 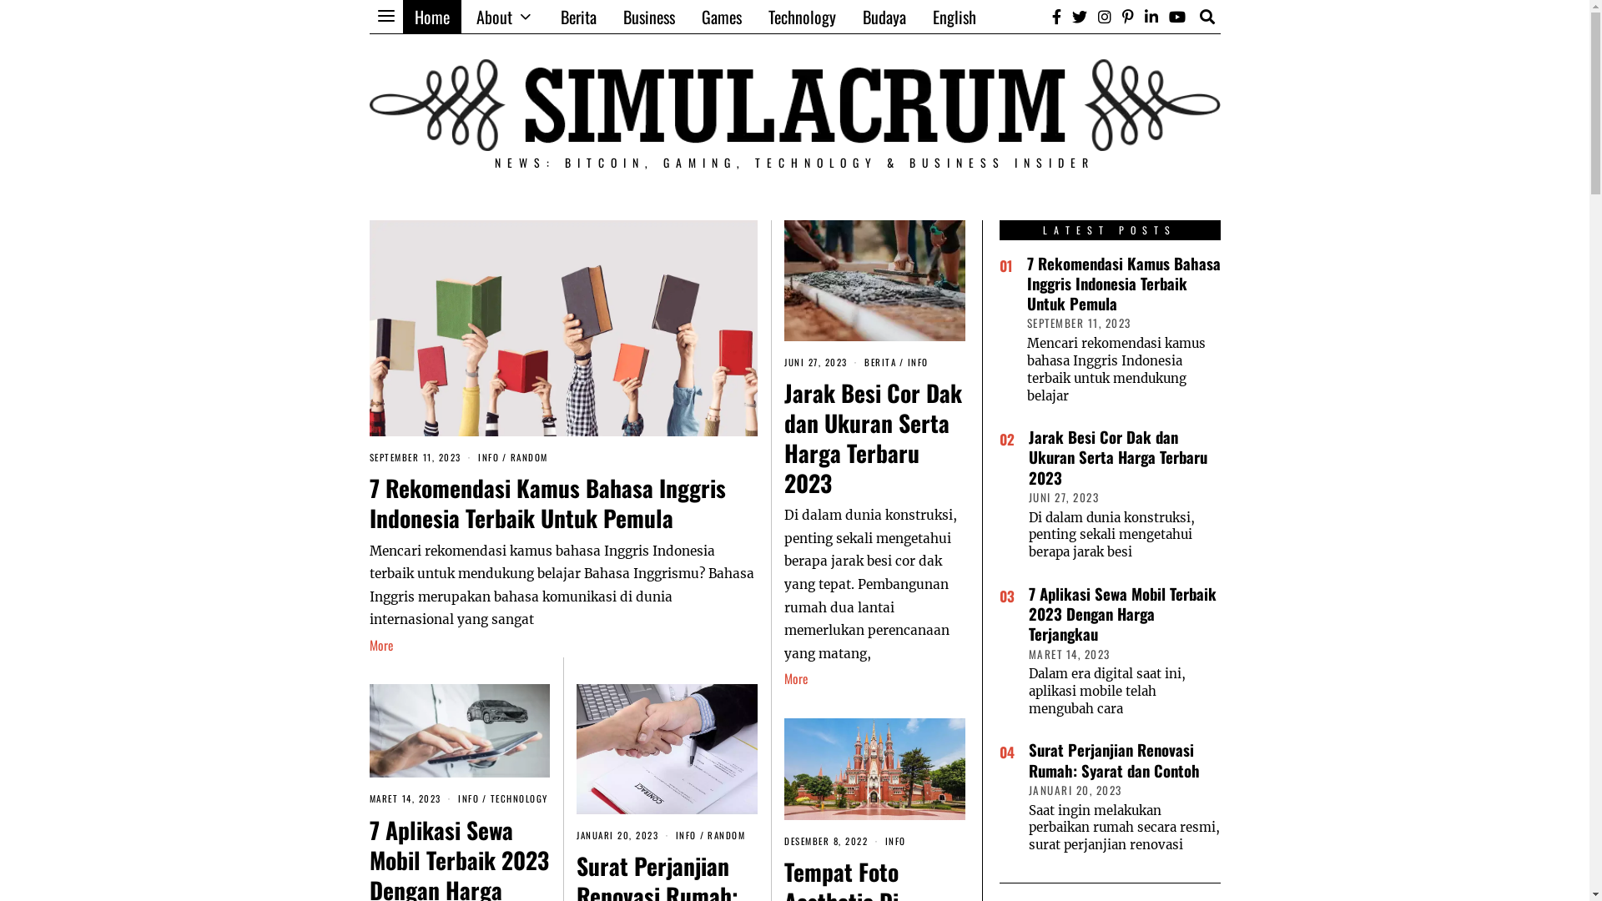 What do you see at coordinates (503, 16) in the screenshot?
I see `'About'` at bounding box center [503, 16].